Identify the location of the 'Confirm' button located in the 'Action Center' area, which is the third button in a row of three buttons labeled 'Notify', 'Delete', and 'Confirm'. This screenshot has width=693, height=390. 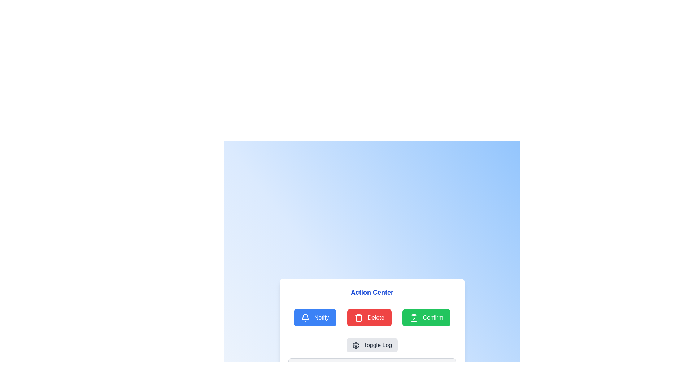
(426, 317).